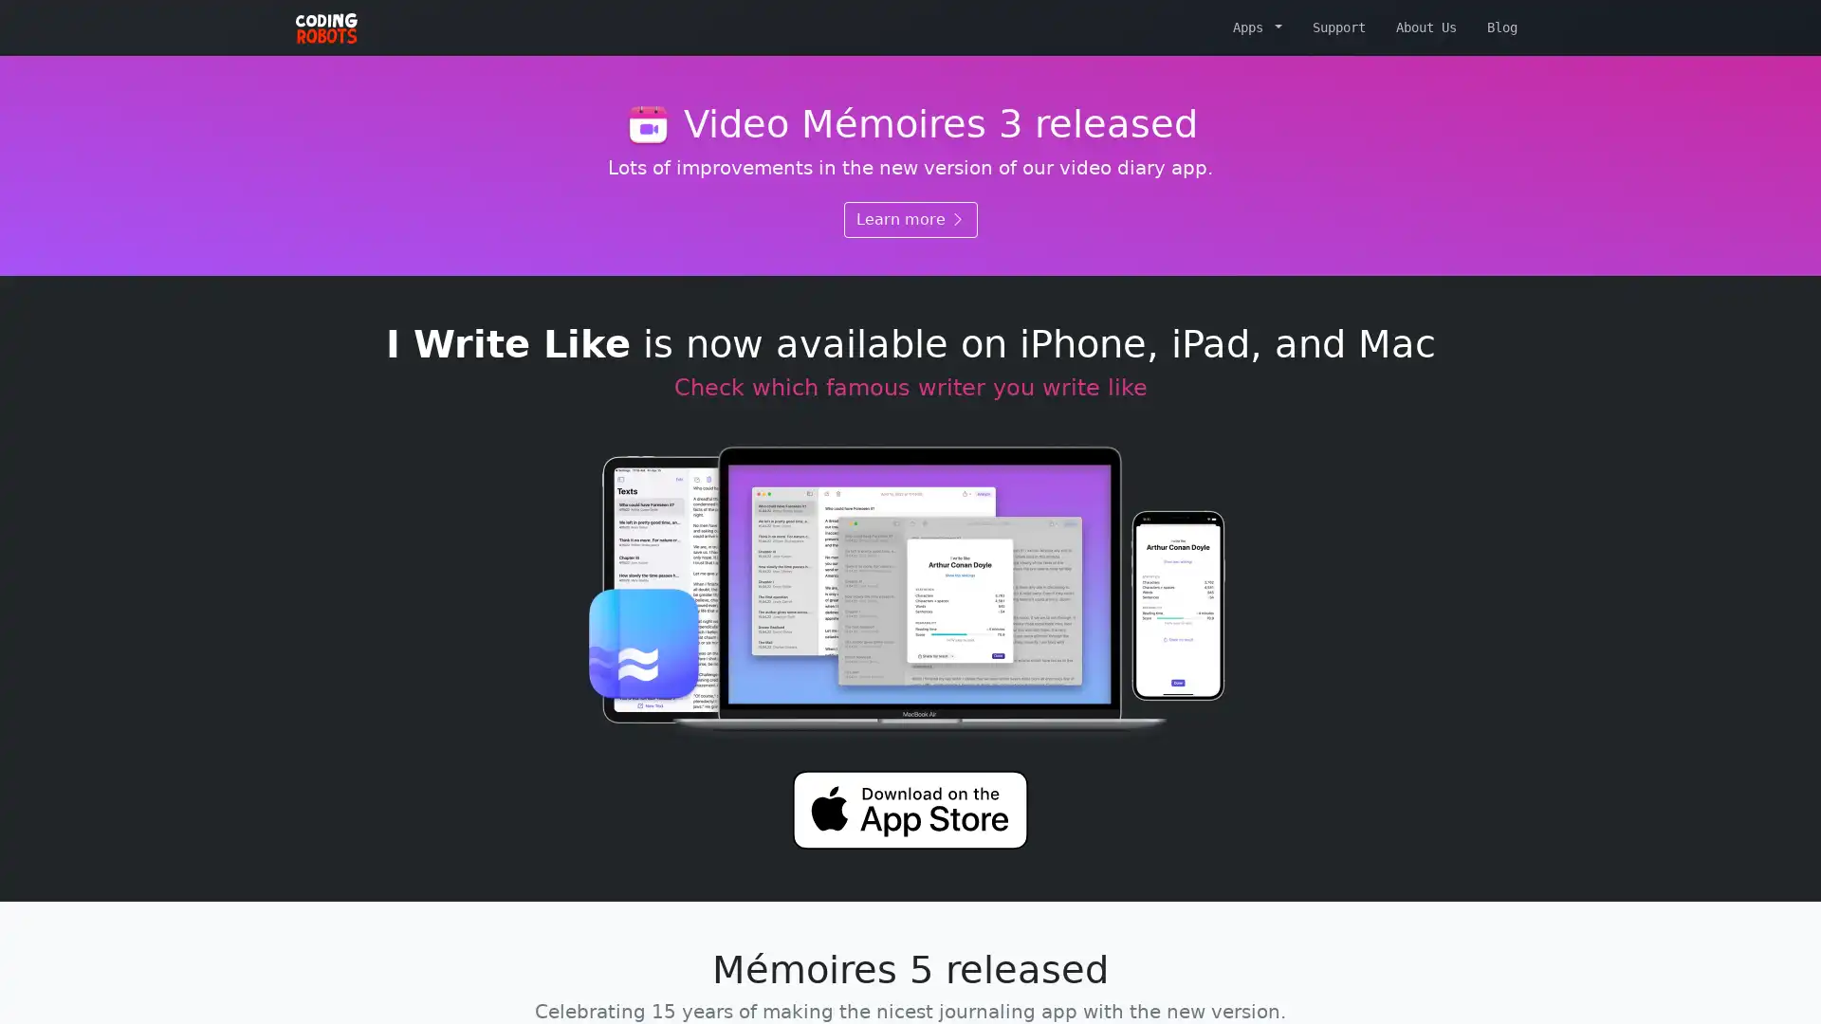 This screenshot has height=1024, width=1821. Describe the element at coordinates (1257, 27) in the screenshot. I see `Apps` at that location.